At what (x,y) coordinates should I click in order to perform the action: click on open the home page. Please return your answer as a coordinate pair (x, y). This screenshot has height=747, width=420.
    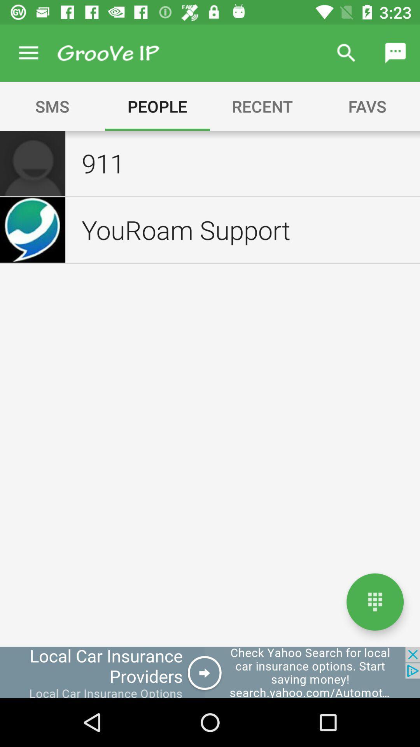
    Looking at the image, I should click on (374, 601).